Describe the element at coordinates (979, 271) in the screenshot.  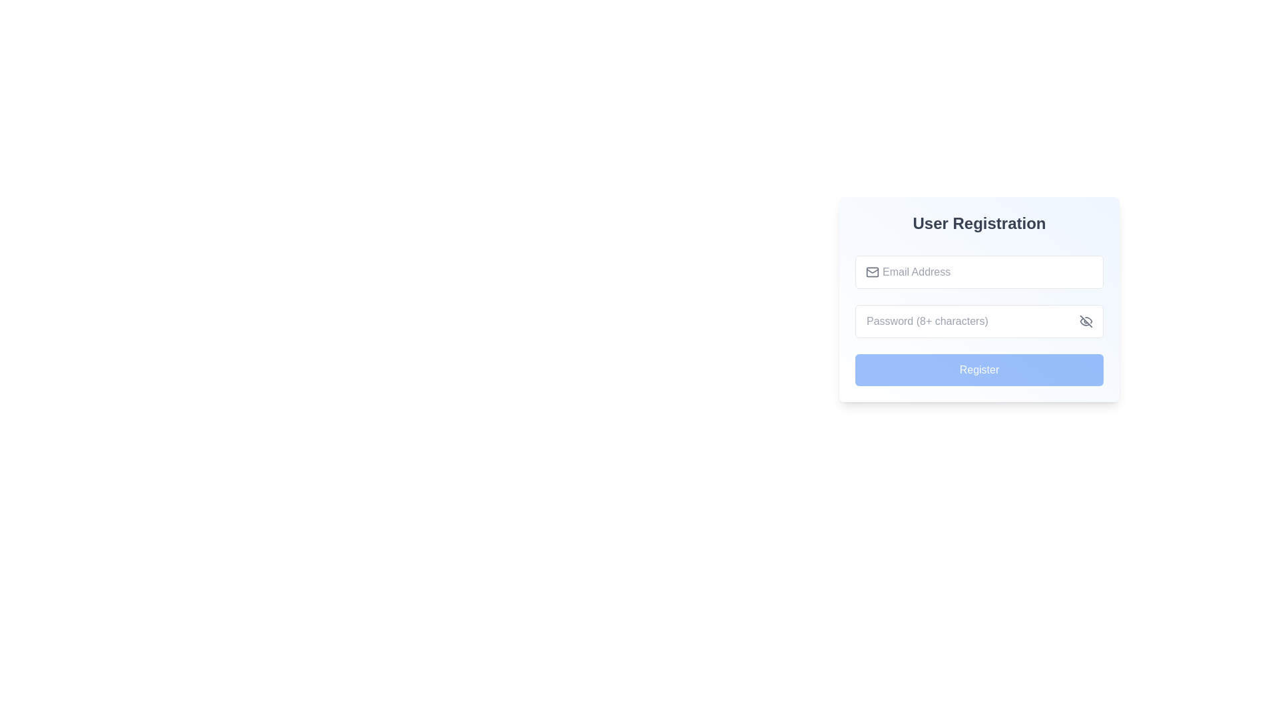
I see `the rounded-corner input field for 'Email Address' within the User Registration form` at that location.